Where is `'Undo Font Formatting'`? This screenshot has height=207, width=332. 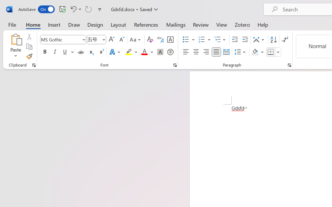 'Undo Font Formatting' is located at coordinates (72, 9).